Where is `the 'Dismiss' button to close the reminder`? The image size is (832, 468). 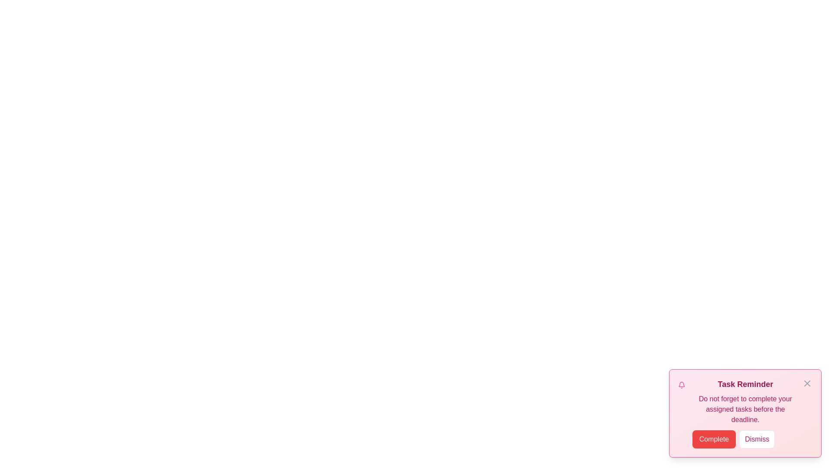 the 'Dismiss' button to close the reminder is located at coordinates (757, 439).